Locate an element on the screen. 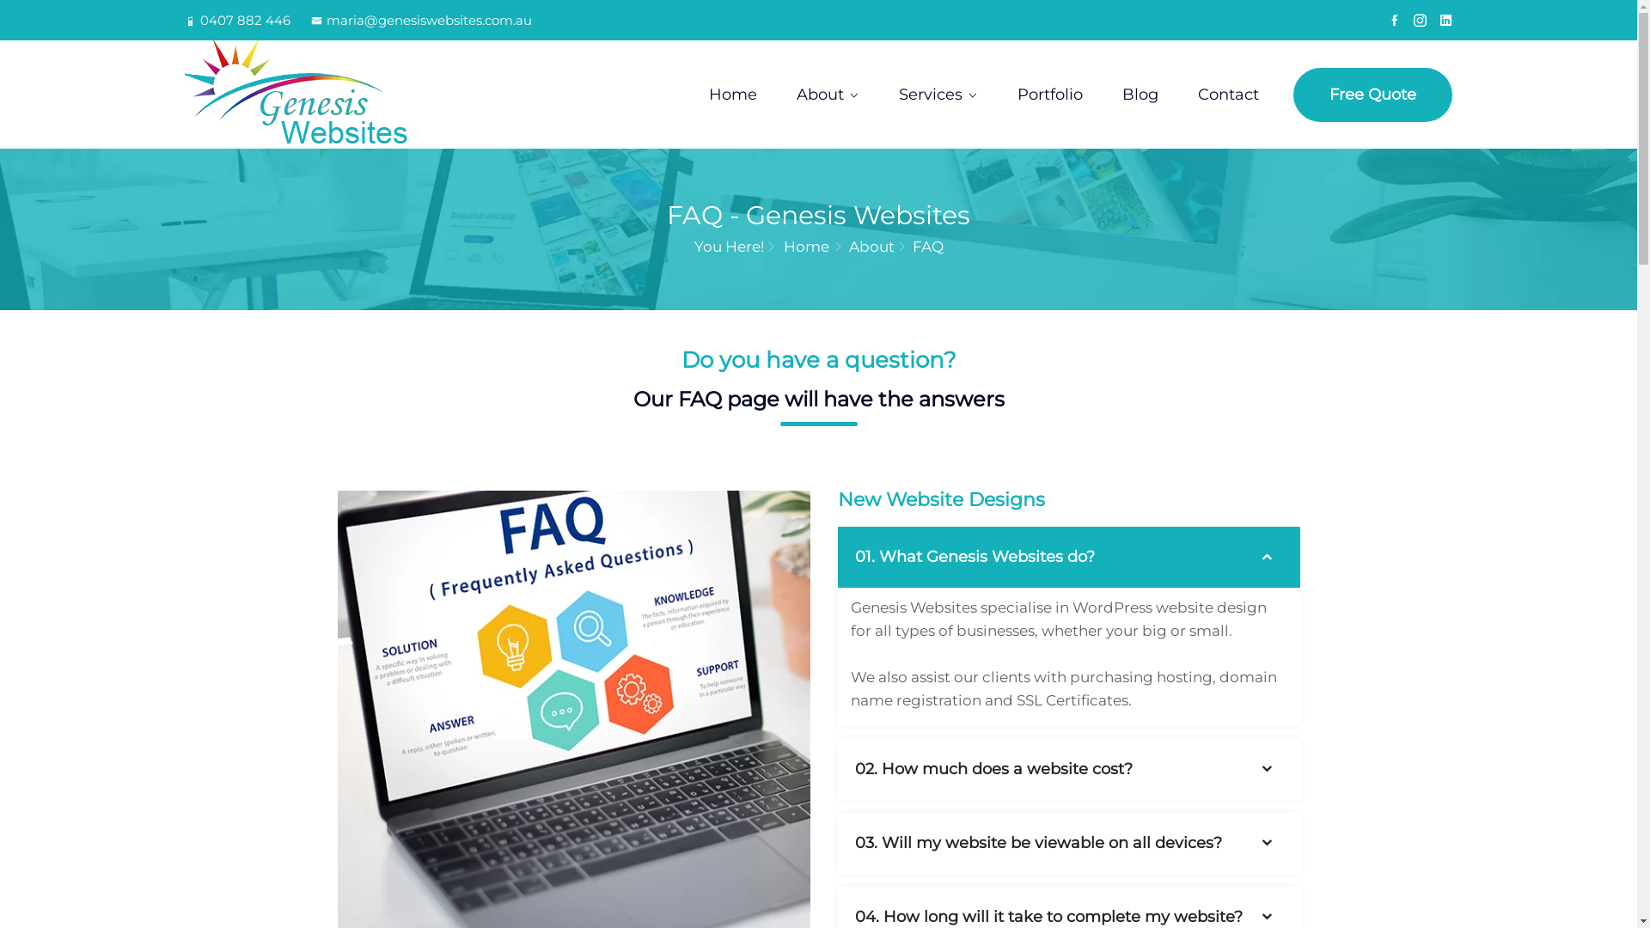  'Free Quote' is located at coordinates (1372, 95).